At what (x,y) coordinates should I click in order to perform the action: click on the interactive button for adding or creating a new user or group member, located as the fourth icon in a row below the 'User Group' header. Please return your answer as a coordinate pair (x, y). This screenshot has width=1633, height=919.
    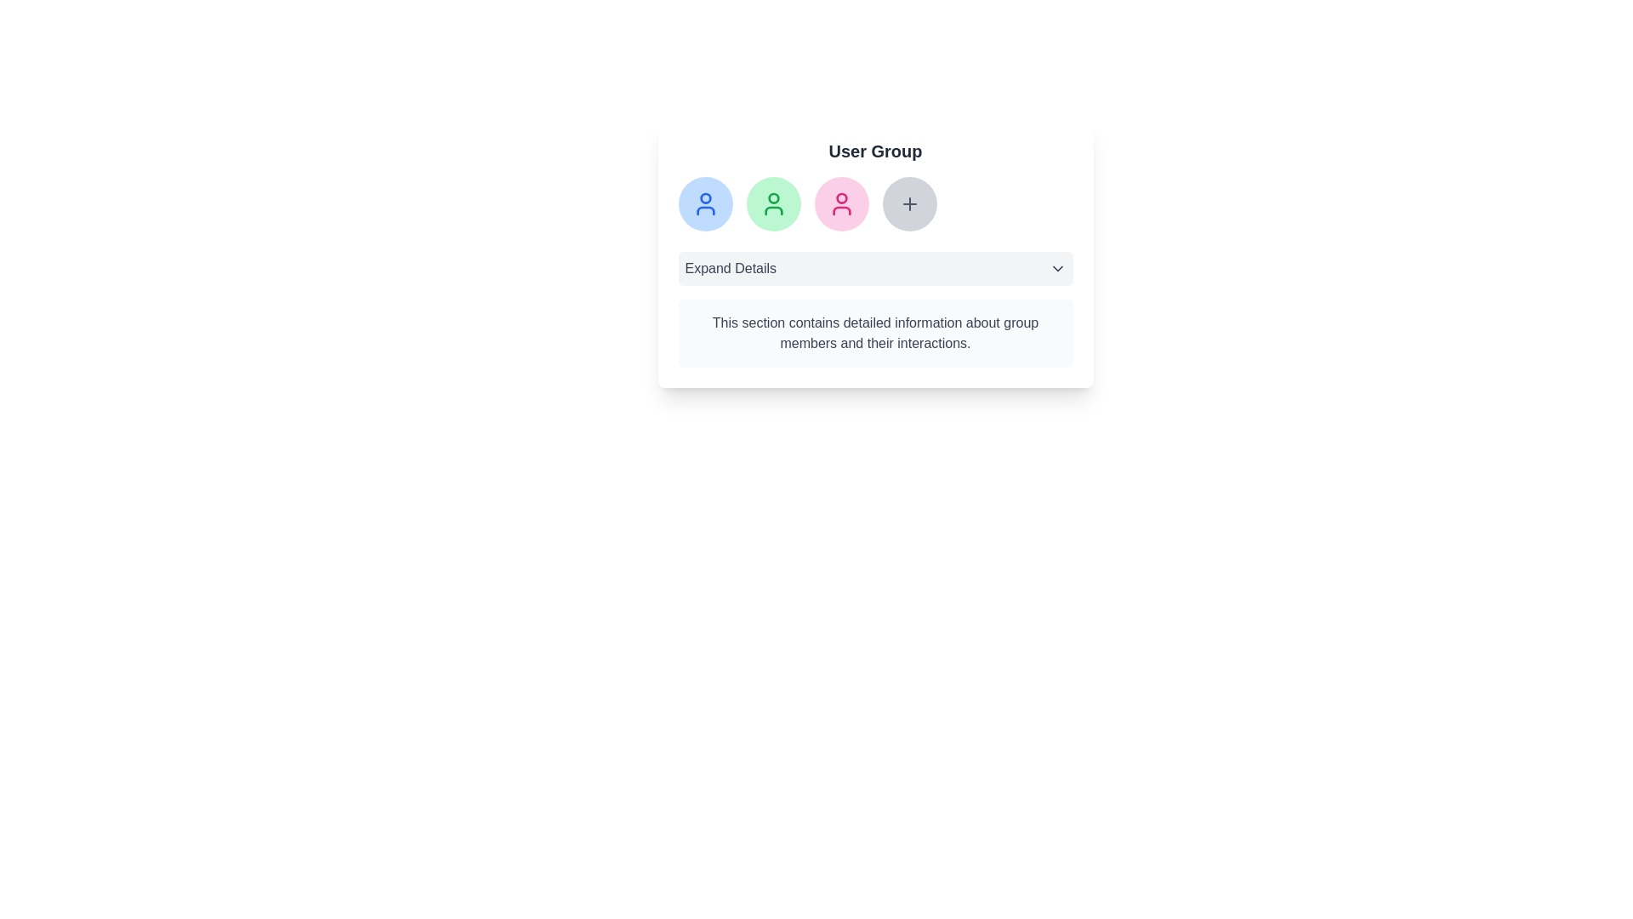
    Looking at the image, I should click on (908, 203).